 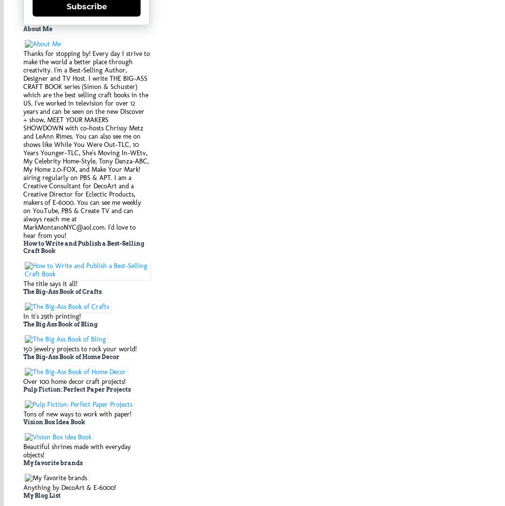 I want to click on '150 jewelry projects to rock your world!', so click(x=79, y=348).